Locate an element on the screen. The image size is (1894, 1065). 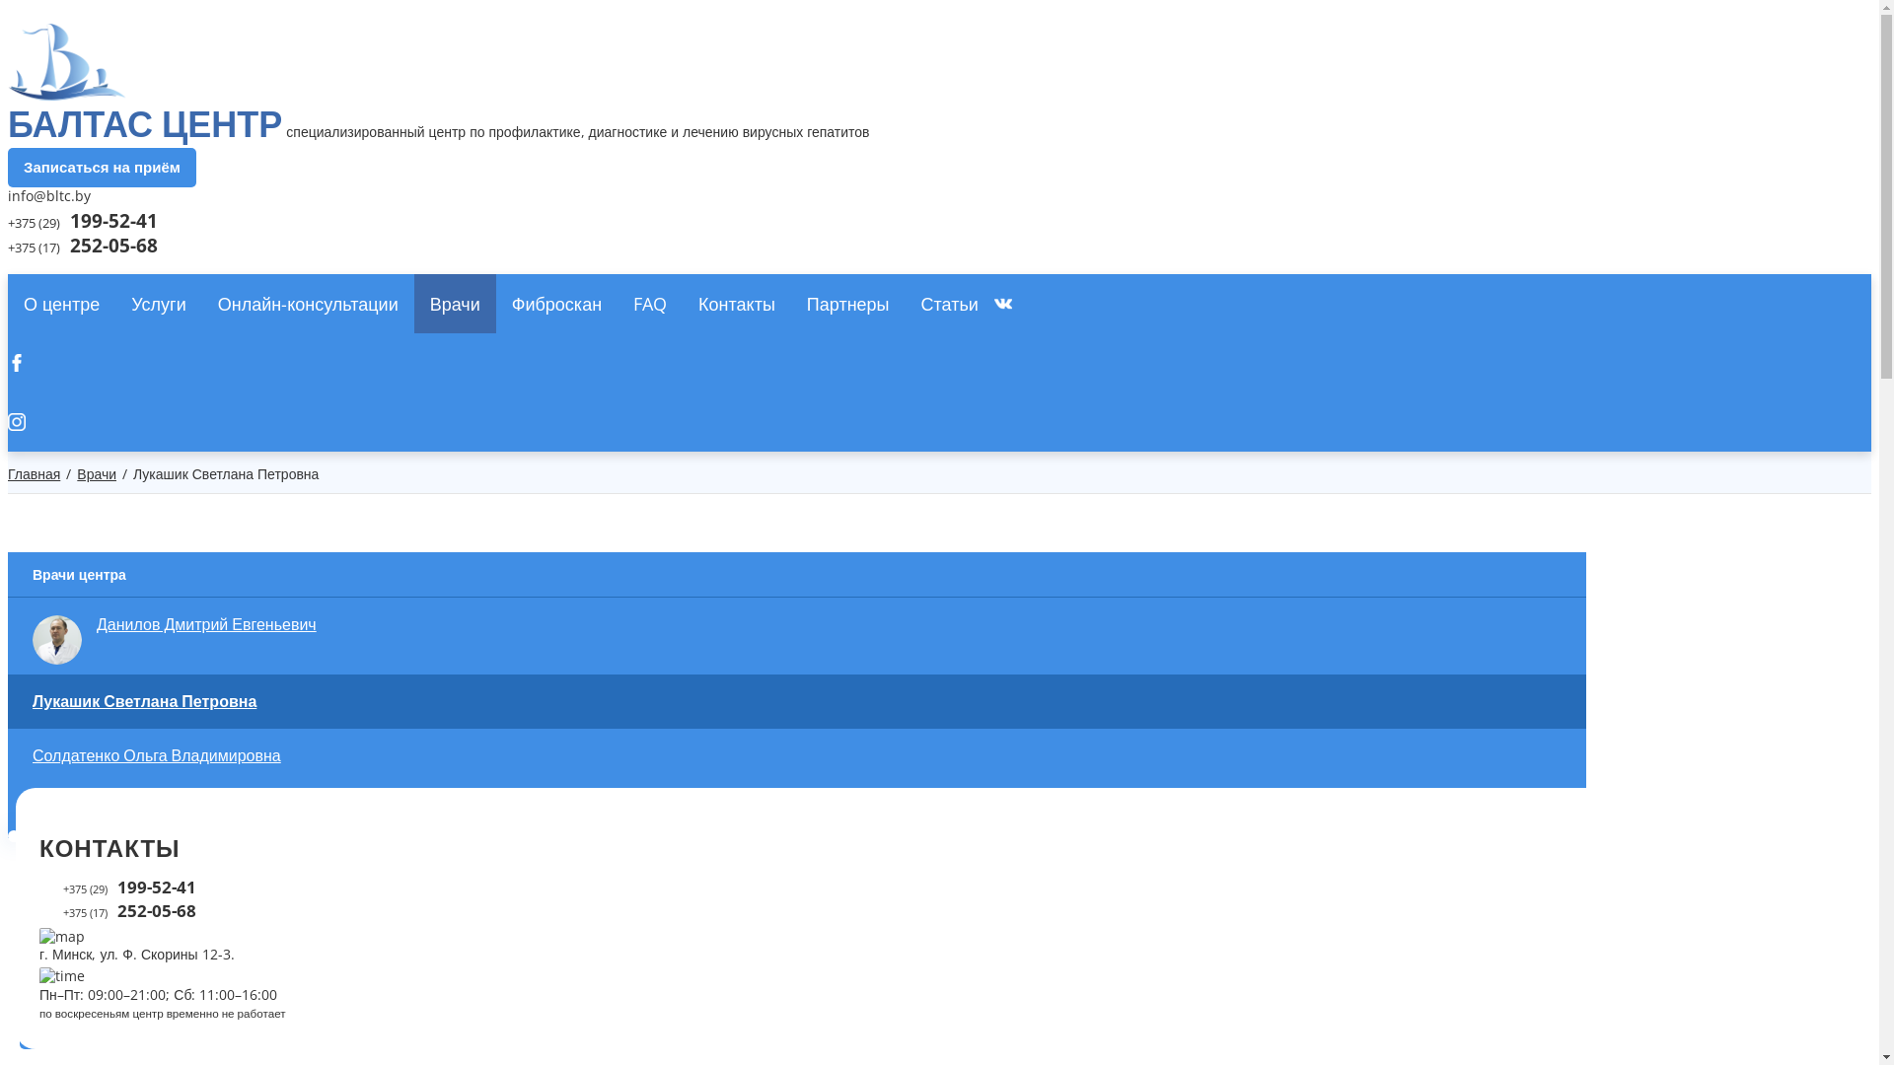
'Facebook' is located at coordinates (796, 362).